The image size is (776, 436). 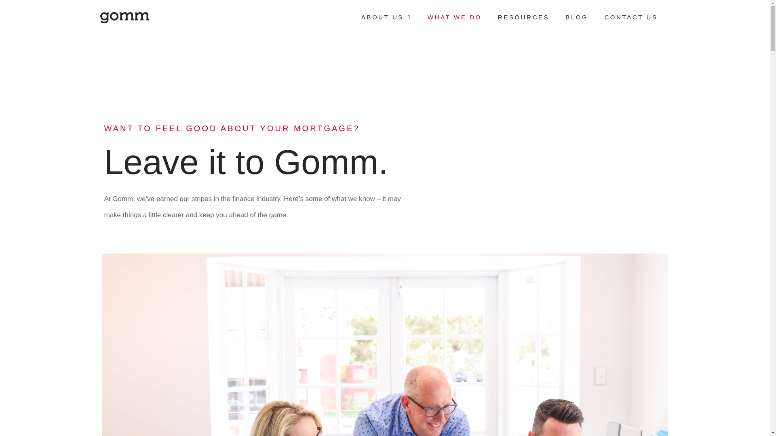 I want to click on 'CONTACT US', so click(x=630, y=17).